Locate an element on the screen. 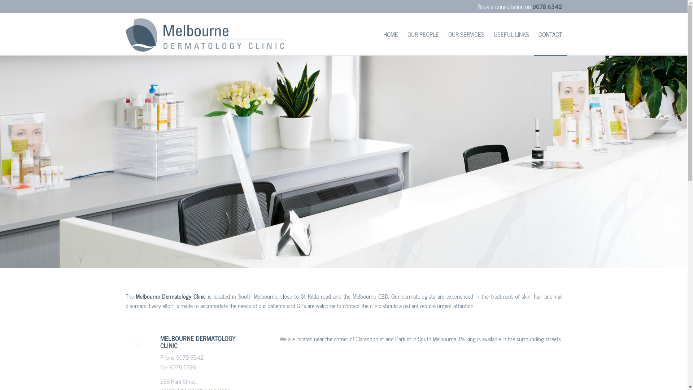 This screenshot has width=693, height=390. 'CONTACT' is located at coordinates (548, 34).